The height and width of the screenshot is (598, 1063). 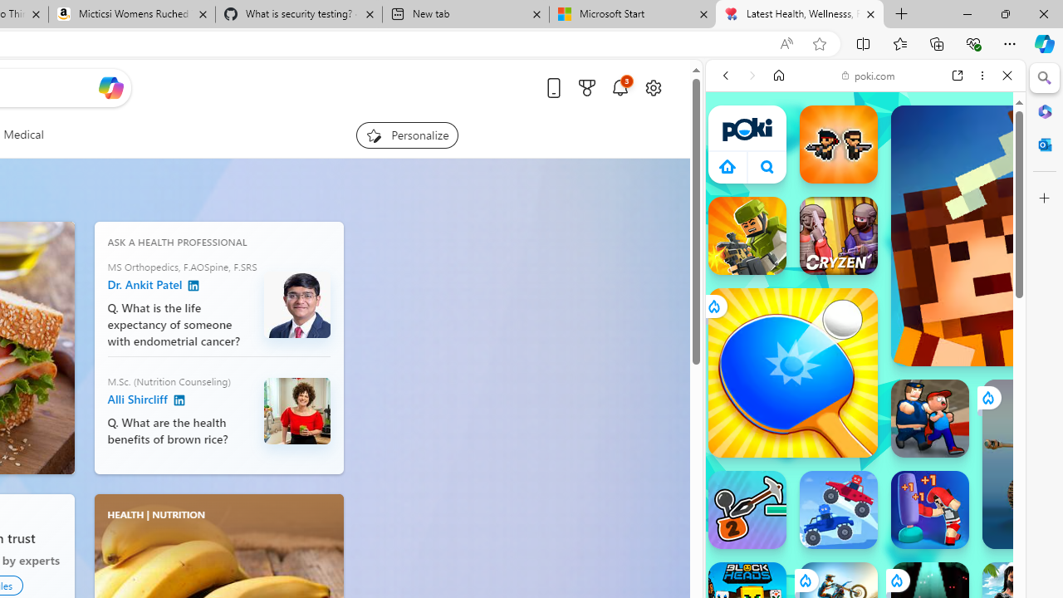 What do you see at coordinates (767, 166) in the screenshot?
I see `'Class: B_5ykBA46kDOxiz_R9wm'` at bounding box center [767, 166].